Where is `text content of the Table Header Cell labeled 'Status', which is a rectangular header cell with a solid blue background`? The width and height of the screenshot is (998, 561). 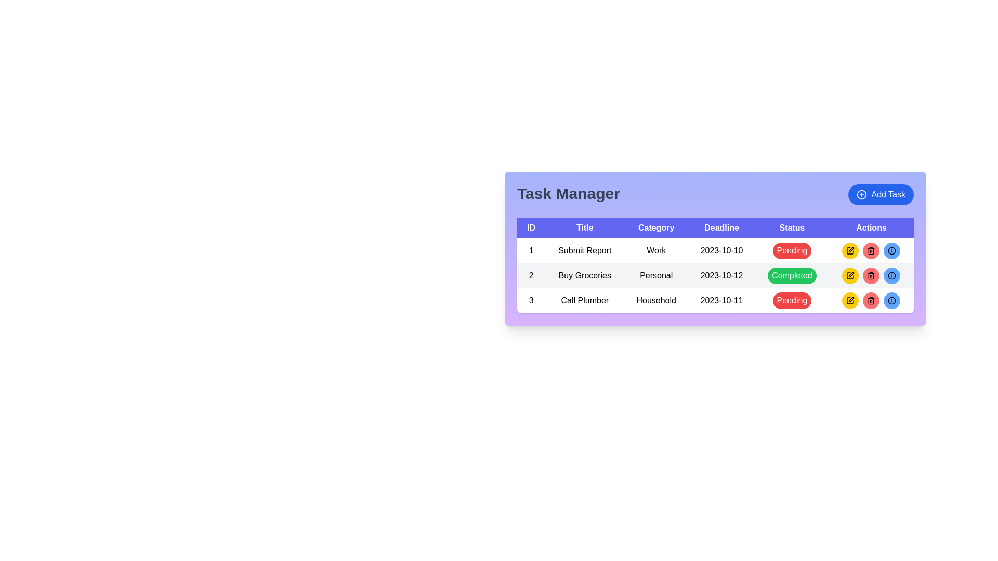 text content of the Table Header Cell labeled 'Status', which is a rectangular header cell with a solid blue background is located at coordinates (791, 228).